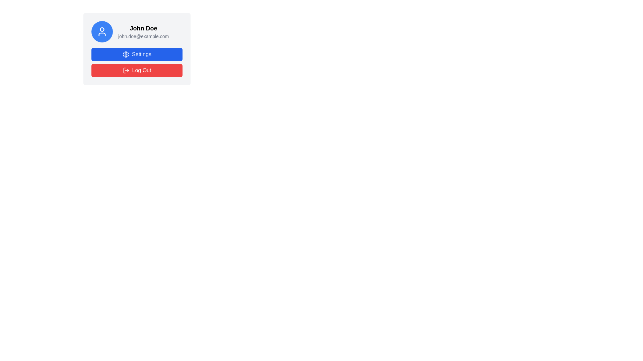  Describe the element at coordinates (143, 28) in the screenshot. I see `text label displaying 'John Doe' for user identification, which is prominently positioned above the email address in the user profile section` at that location.